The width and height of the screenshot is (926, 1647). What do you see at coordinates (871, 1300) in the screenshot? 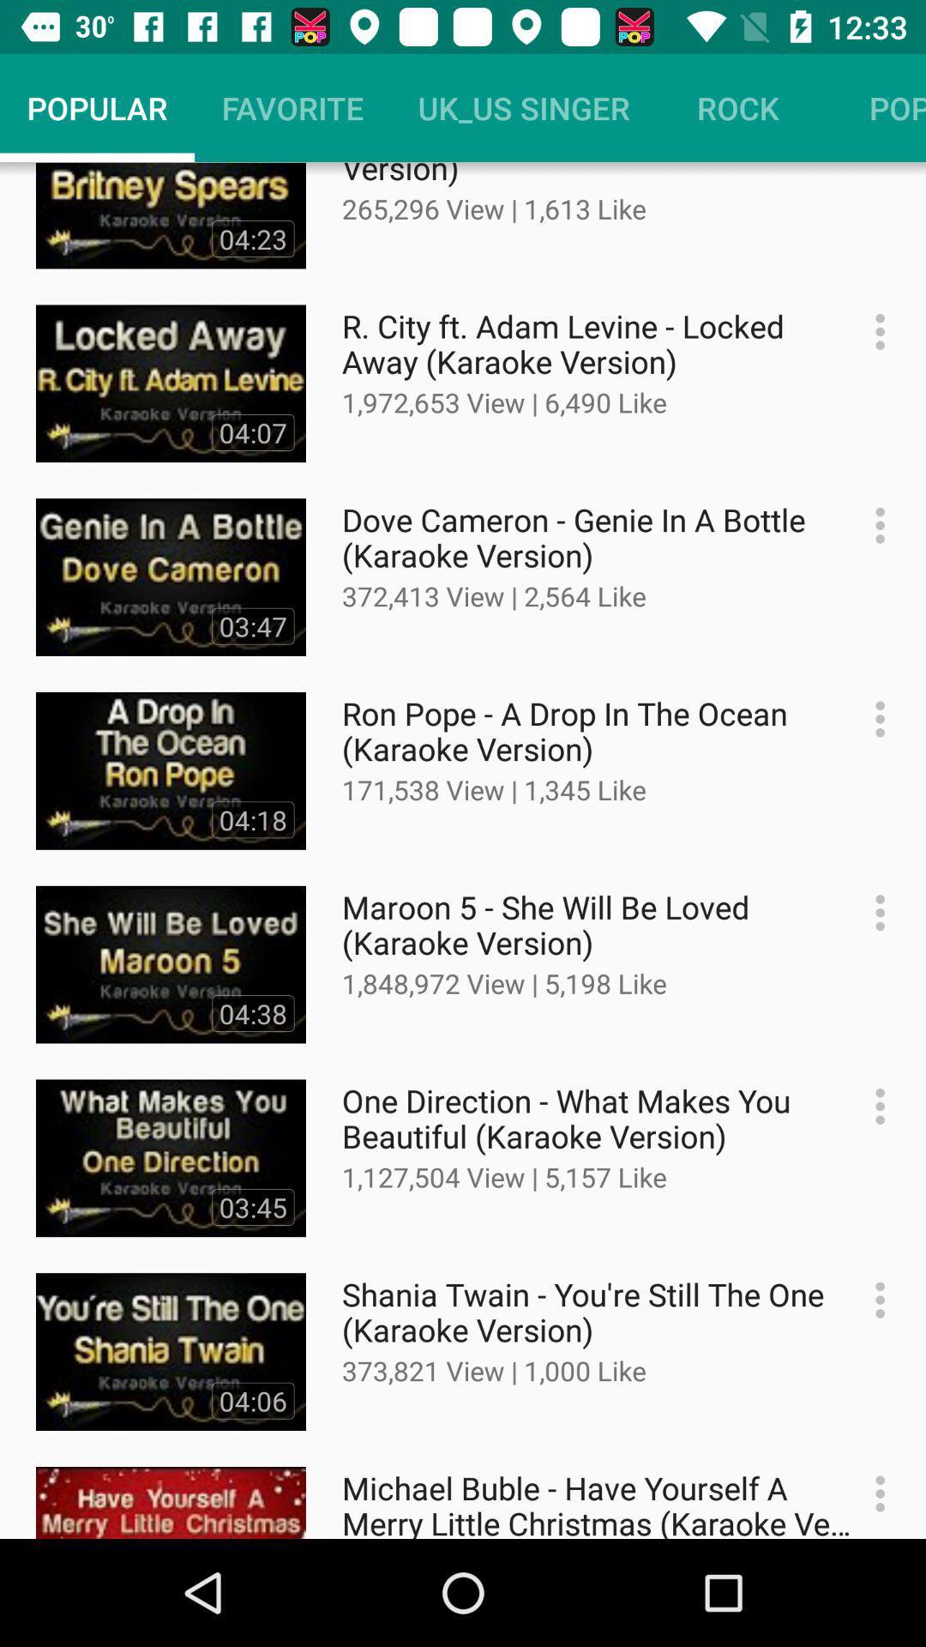
I see `show options` at bounding box center [871, 1300].